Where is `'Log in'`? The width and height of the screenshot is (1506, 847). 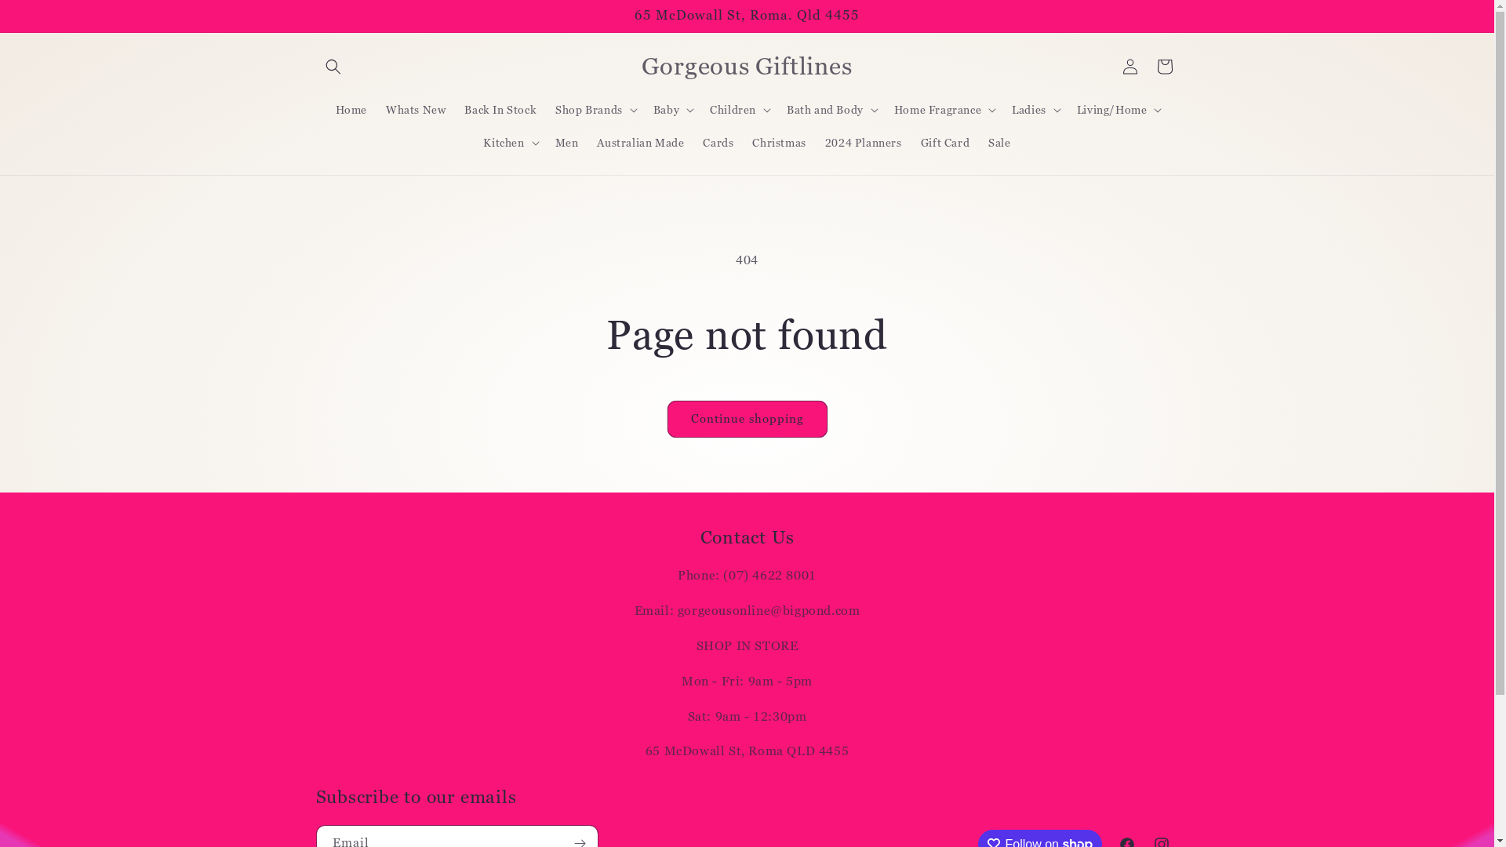
'Log in' is located at coordinates (1129, 65).